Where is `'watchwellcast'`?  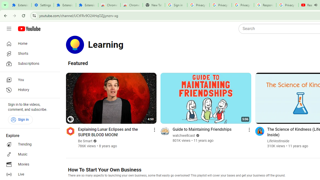
'watchwellcast' is located at coordinates (184, 135).